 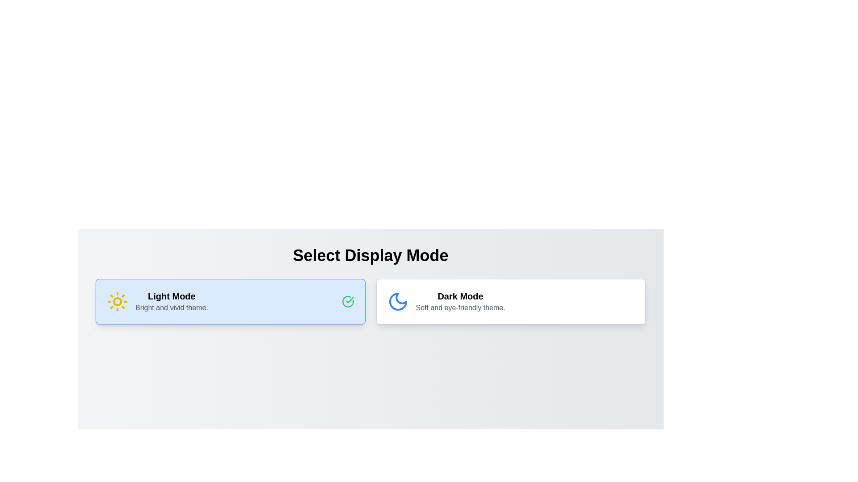 What do you see at coordinates (460, 307) in the screenshot?
I see `the text label that provides a description for the 'Dark Mode' option, positioned directly below the 'Dark Mode' label in the card layout` at bounding box center [460, 307].